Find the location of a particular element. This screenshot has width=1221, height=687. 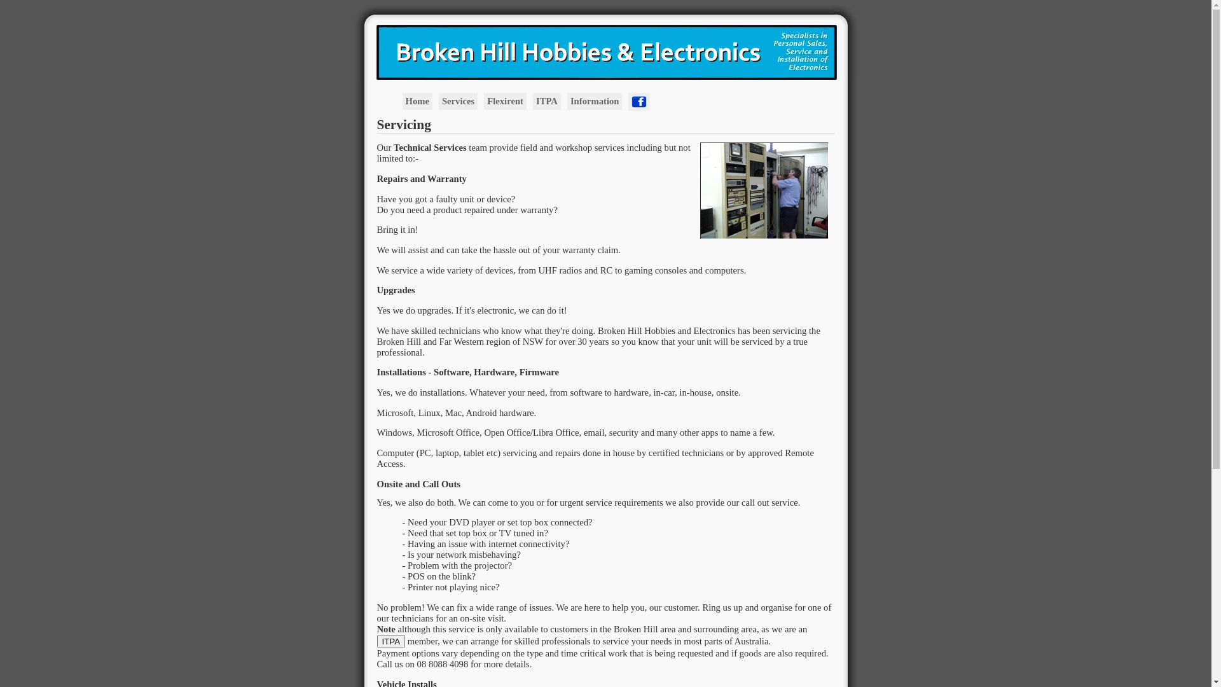

'ITPA' is located at coordinates (375, 641).